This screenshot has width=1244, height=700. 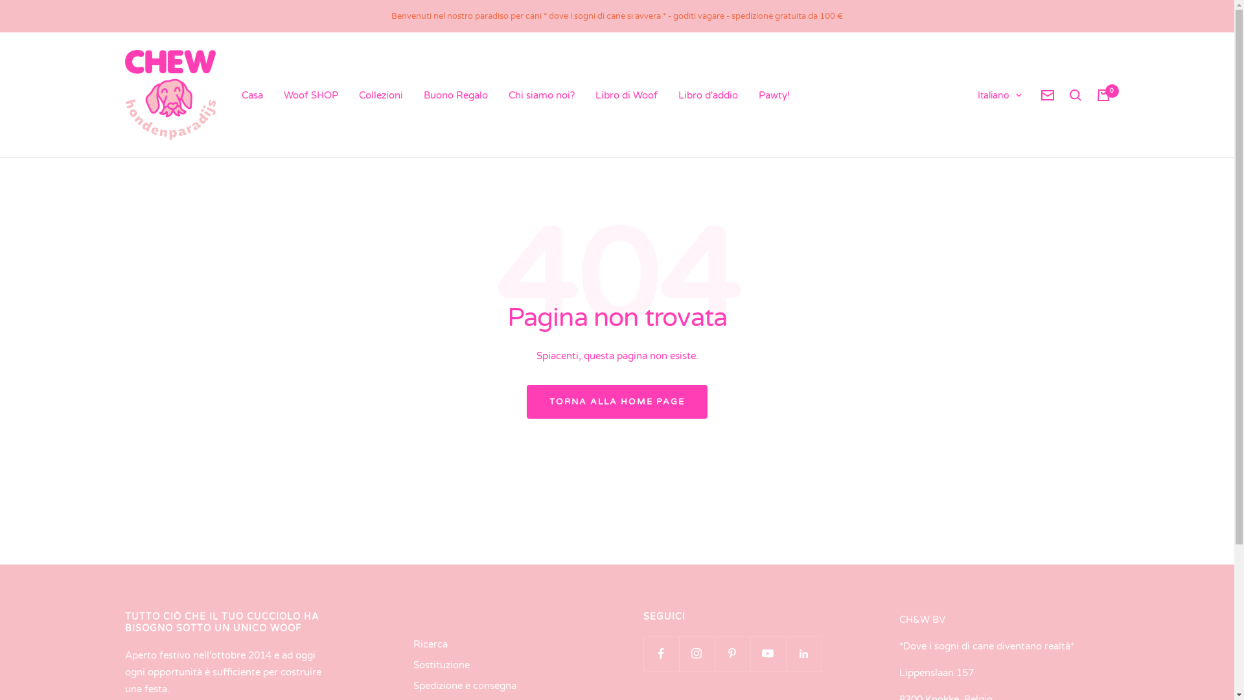 I want to click on '0', so click(x=1095, y=94).